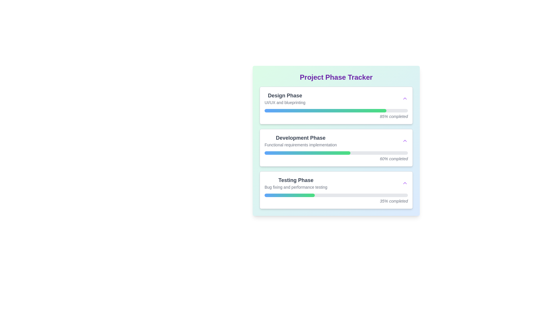  Describe the element at coordinates (325, 110) in the screenshot. I see `properties of the Progress bar segment indicating 85% completion within the 'Design Phase' section` at that location.